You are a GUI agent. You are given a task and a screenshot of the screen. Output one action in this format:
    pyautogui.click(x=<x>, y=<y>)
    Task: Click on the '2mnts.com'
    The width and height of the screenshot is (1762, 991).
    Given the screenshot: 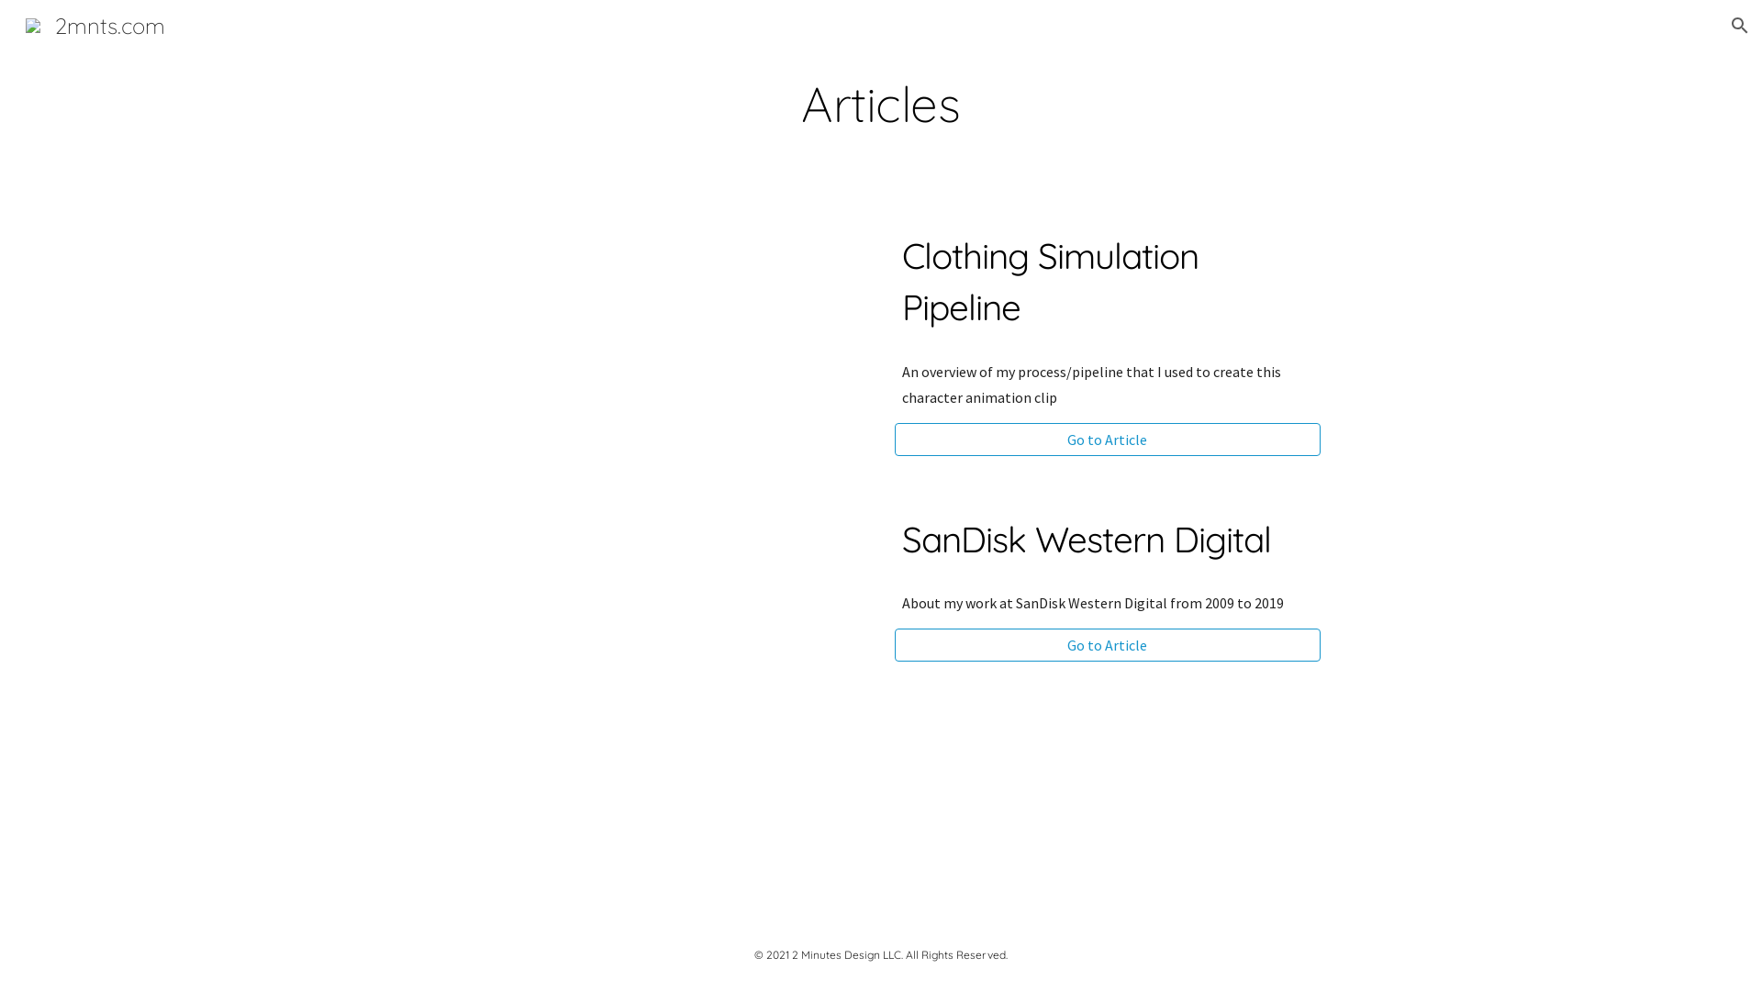 What is the action you would take?
    pyautogui.click(x=95, y=22)
    